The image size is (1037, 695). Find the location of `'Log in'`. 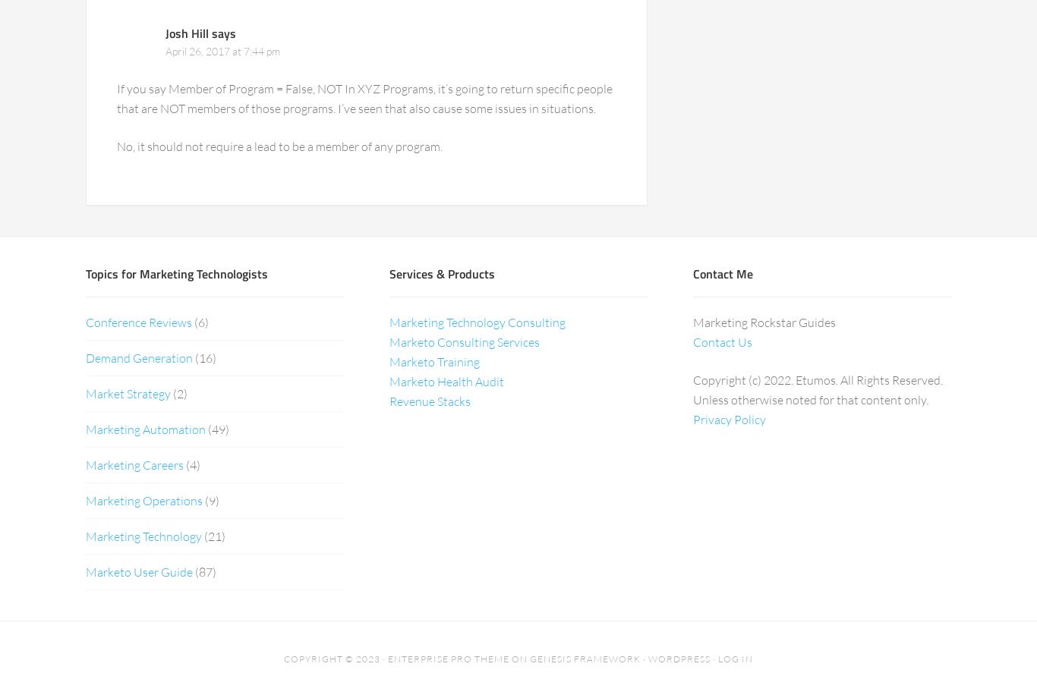

'Log in' is located at coordinates (736, 657).